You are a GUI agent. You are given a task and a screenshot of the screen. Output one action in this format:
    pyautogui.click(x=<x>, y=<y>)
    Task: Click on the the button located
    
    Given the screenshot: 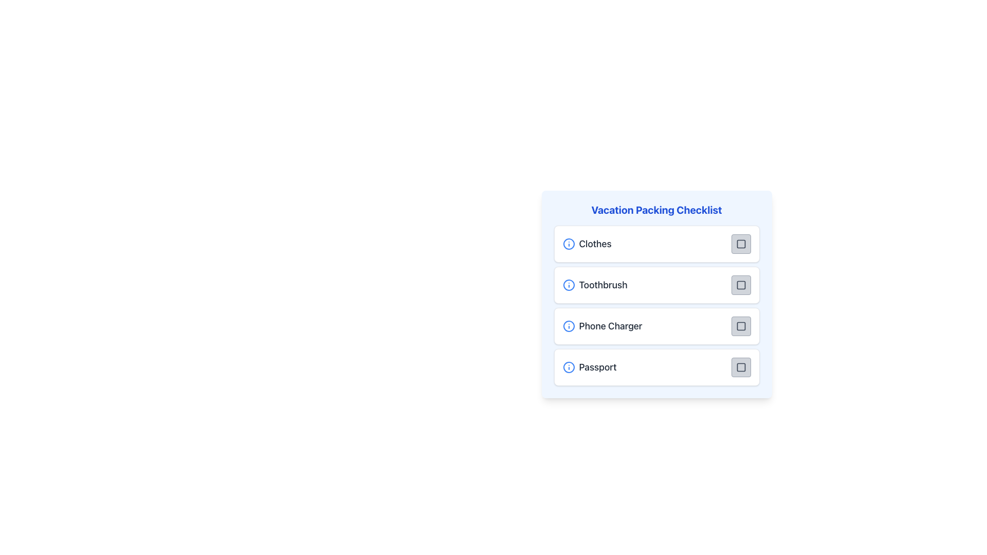 What is the action you would take?
    pyautogui.click(x=741, y=285)
    